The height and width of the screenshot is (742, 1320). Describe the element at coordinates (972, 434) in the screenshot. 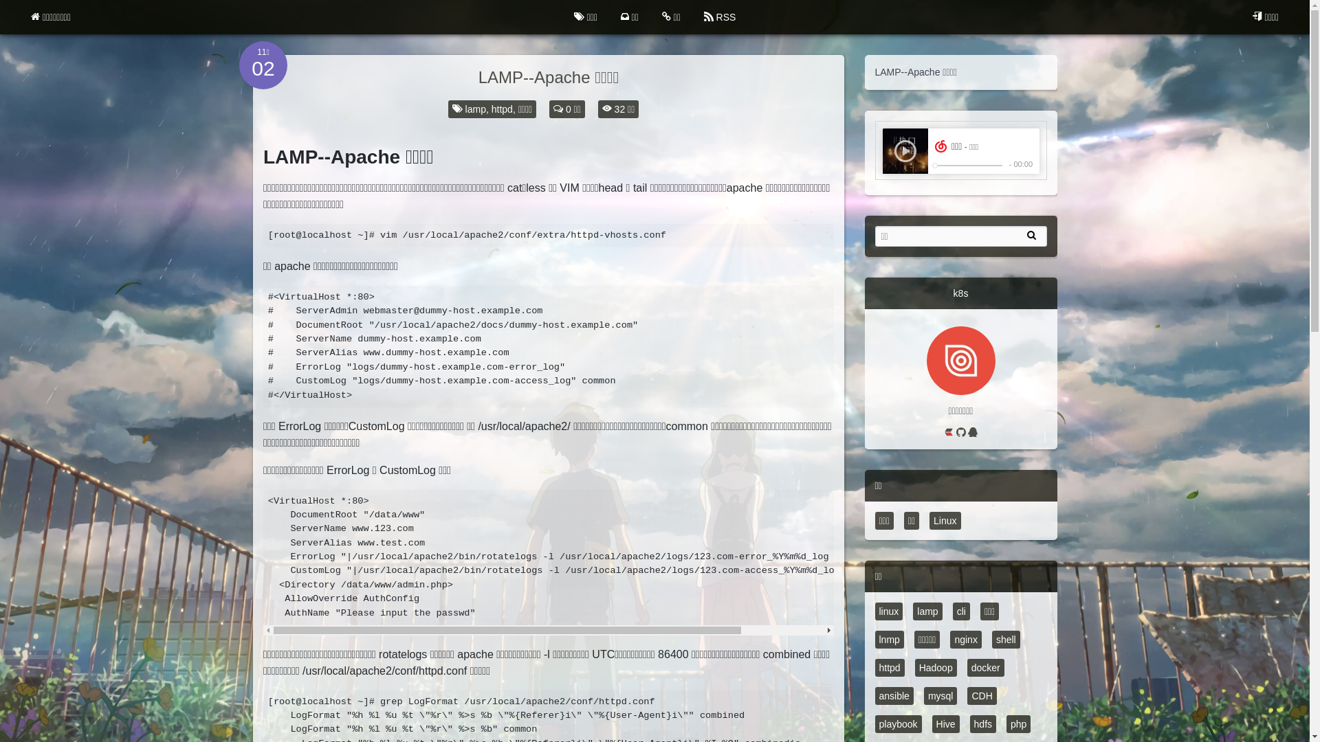

I see `'1014887978'` at that location.